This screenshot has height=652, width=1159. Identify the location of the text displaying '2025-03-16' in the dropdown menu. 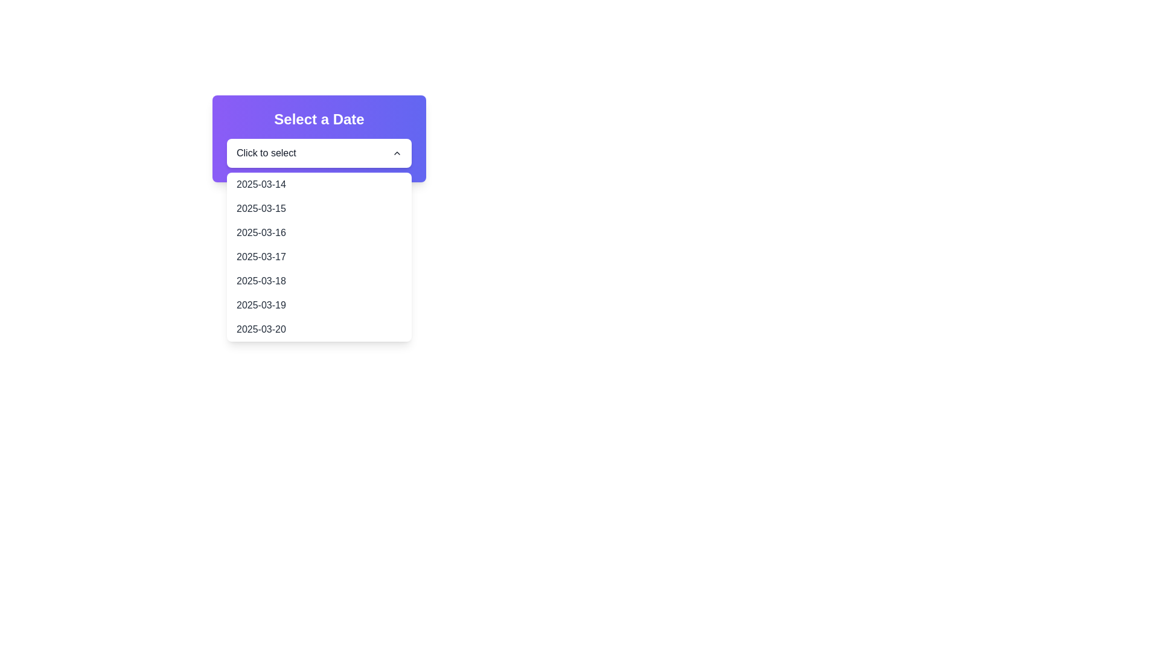
(260, 232).